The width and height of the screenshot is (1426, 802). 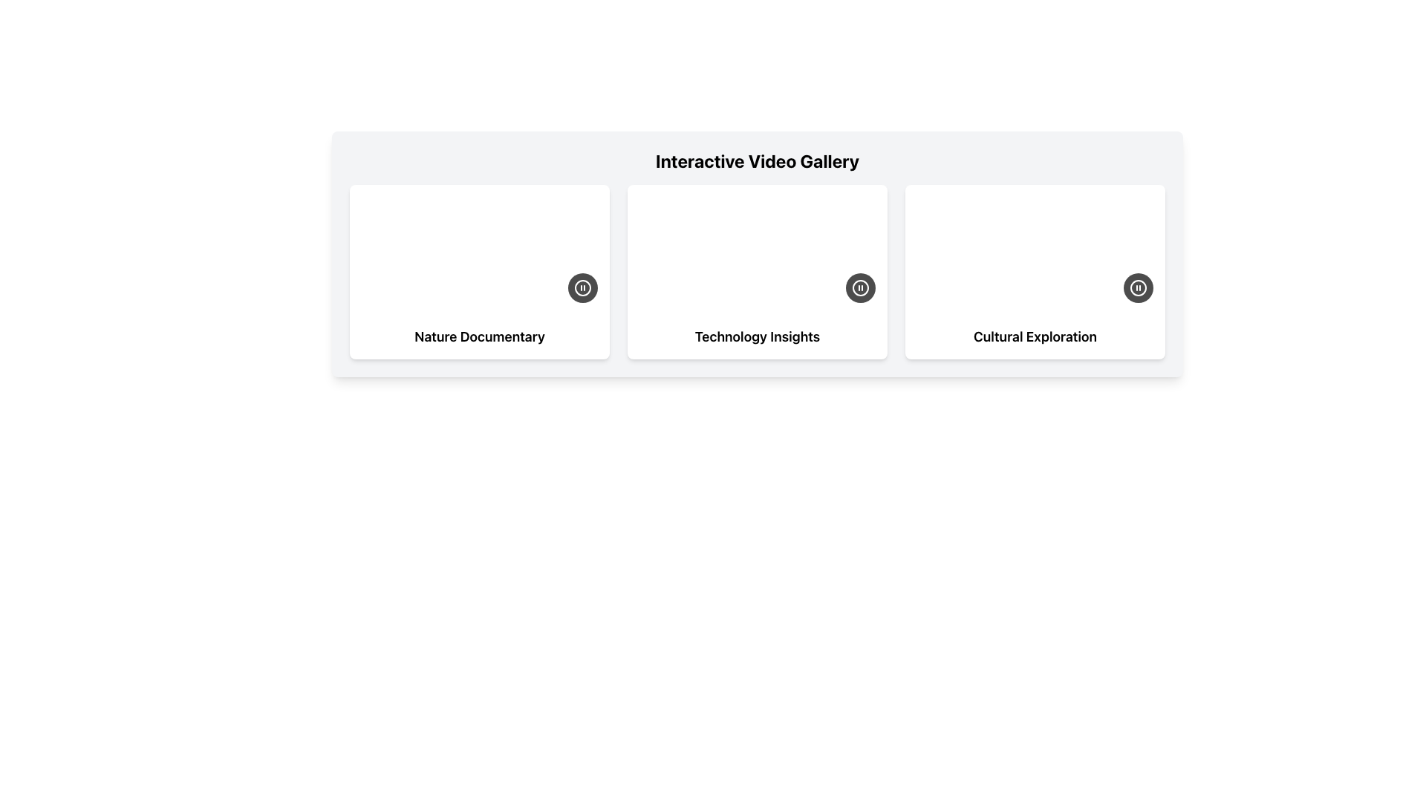 What do you see at coordinates (860, 288) in the screenshot?
I see `the pause button located in the lower-right corner of the middle card of the three-card layout` at bounding box center [860, 288].